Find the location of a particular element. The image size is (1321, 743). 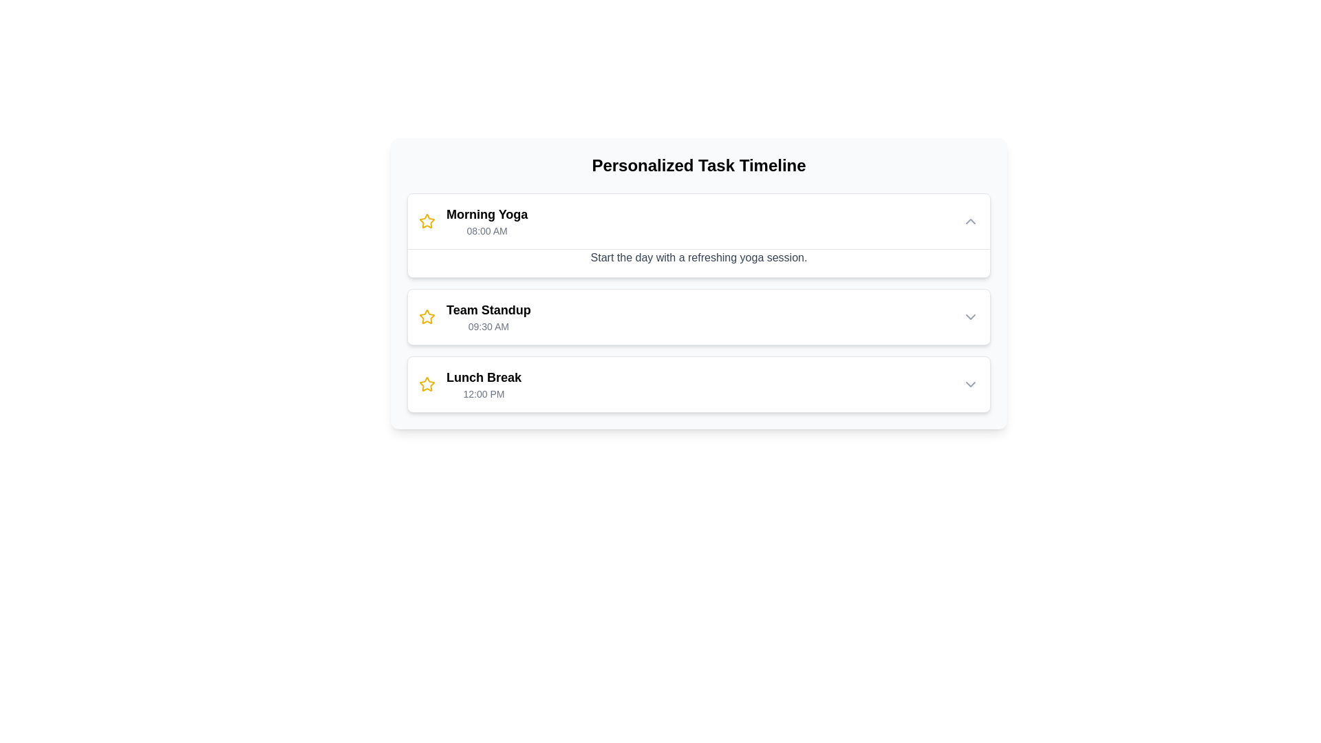

the second list item labeled 'Team Standup', which features a bold title and a yellow star, to interact or select the event is located at coordinates (475, 317).